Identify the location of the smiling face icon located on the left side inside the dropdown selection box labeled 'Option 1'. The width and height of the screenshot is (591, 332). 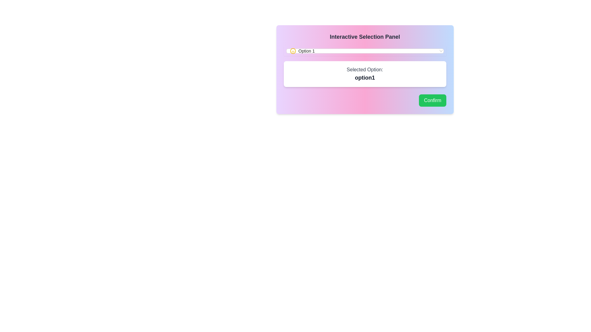
(292, 50).